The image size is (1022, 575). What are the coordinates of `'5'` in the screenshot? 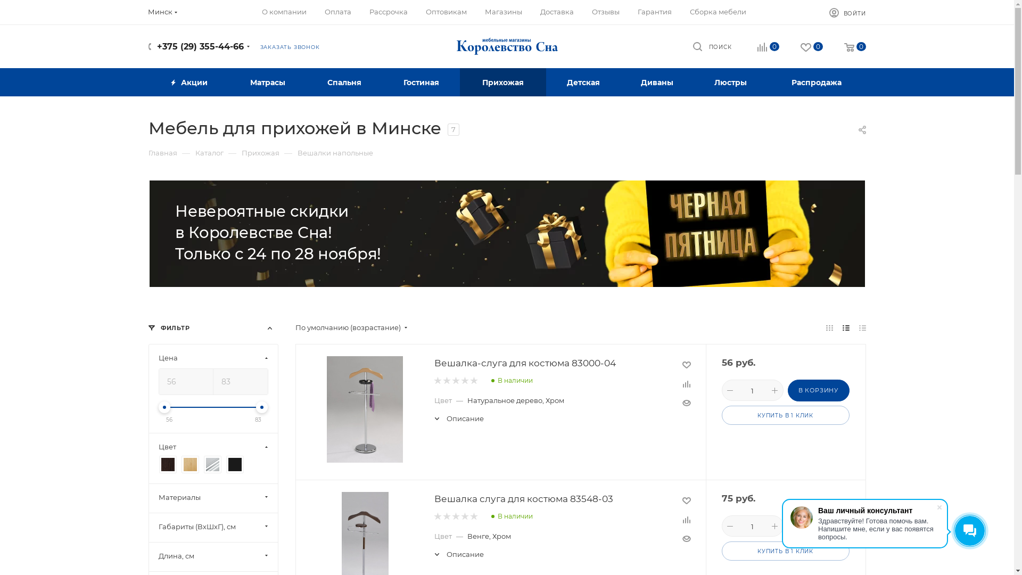 It's located at (469, 380).